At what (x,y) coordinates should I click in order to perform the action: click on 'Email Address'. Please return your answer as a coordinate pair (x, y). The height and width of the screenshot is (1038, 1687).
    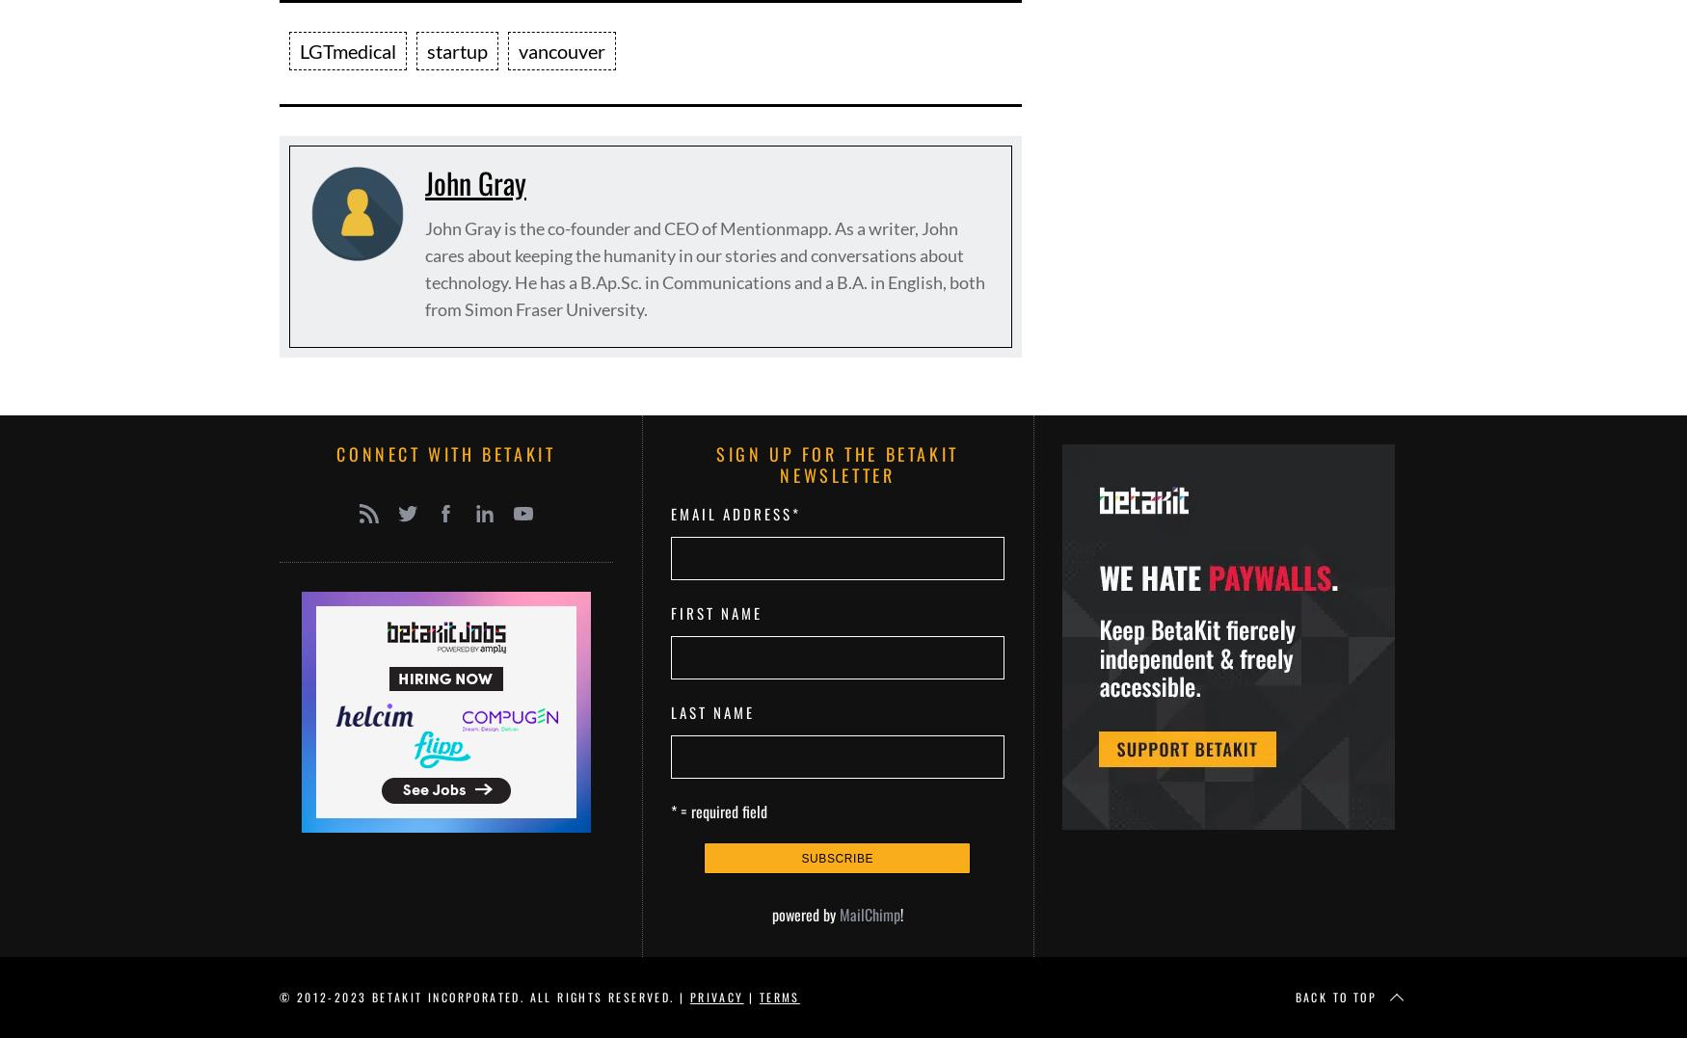
    Looking at the image, I should click on (729, 513).